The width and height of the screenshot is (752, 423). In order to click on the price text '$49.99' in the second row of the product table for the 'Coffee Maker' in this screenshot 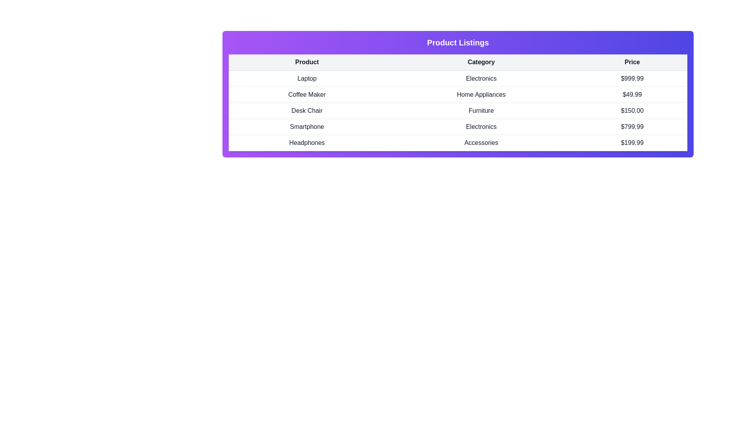, I will do `click(632, 94)`.